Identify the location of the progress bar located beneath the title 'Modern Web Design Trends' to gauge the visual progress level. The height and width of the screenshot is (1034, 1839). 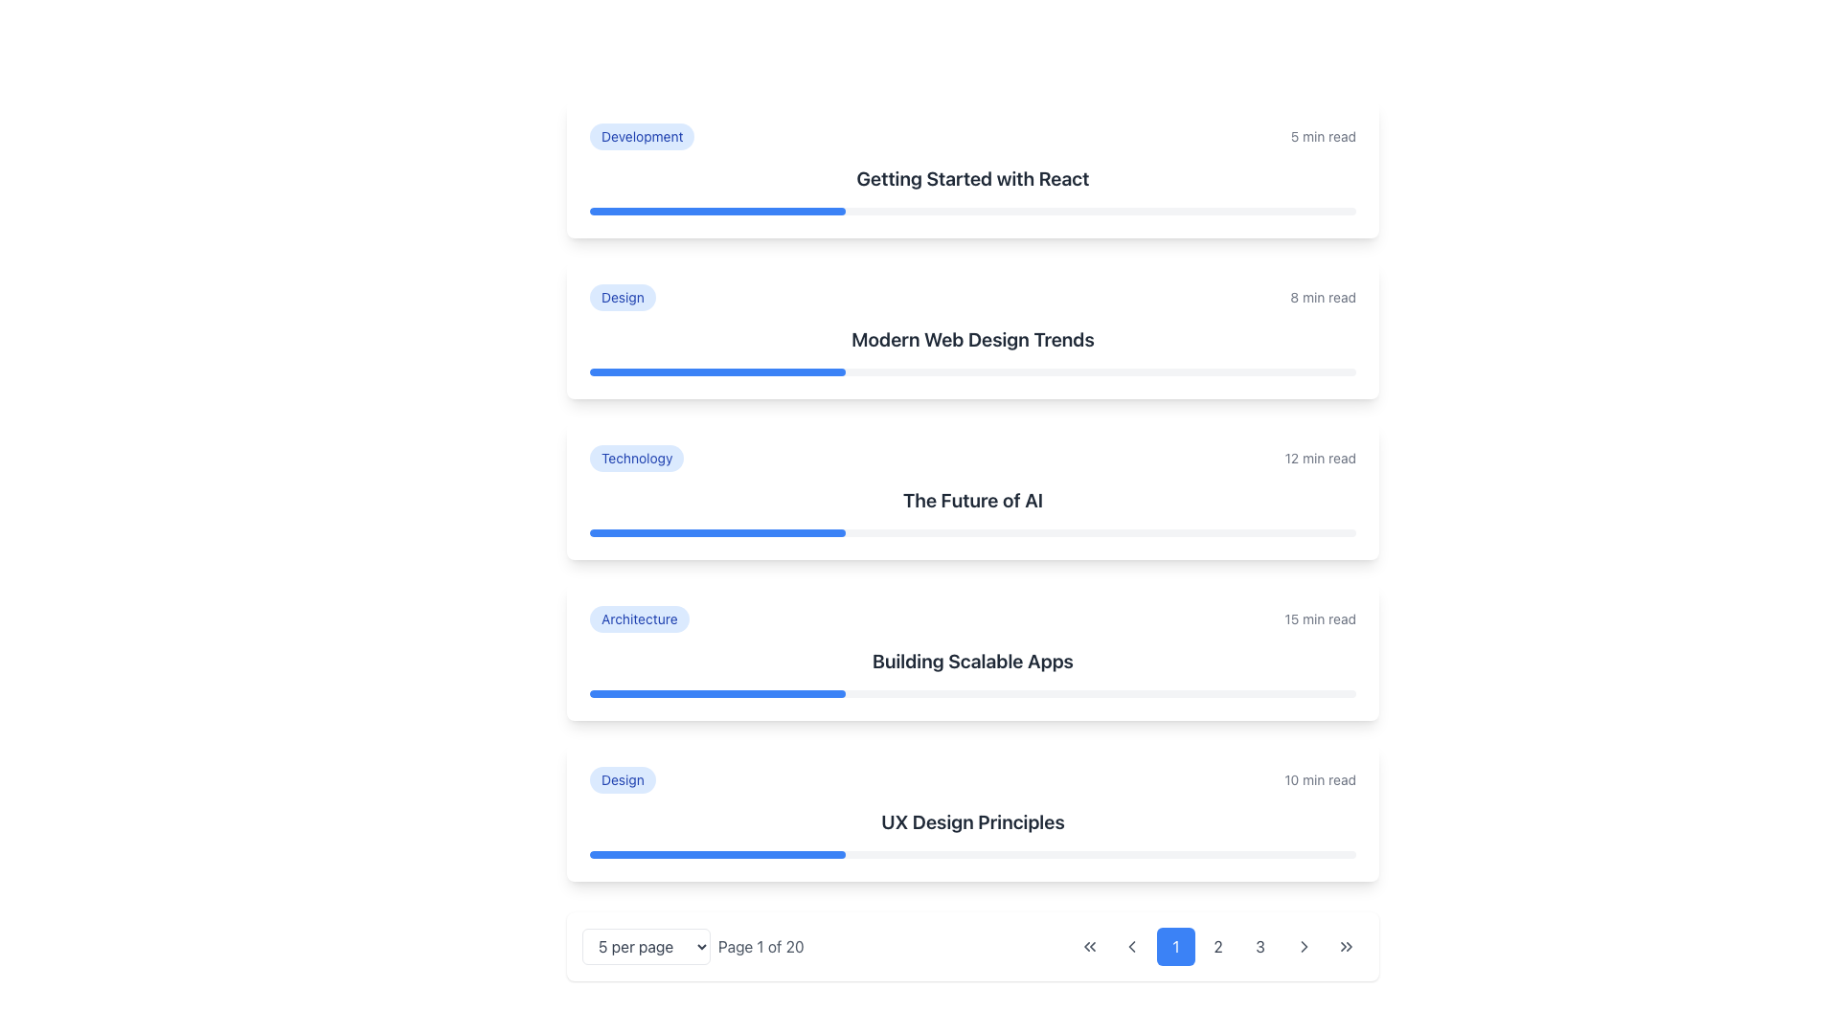
(973, 372).